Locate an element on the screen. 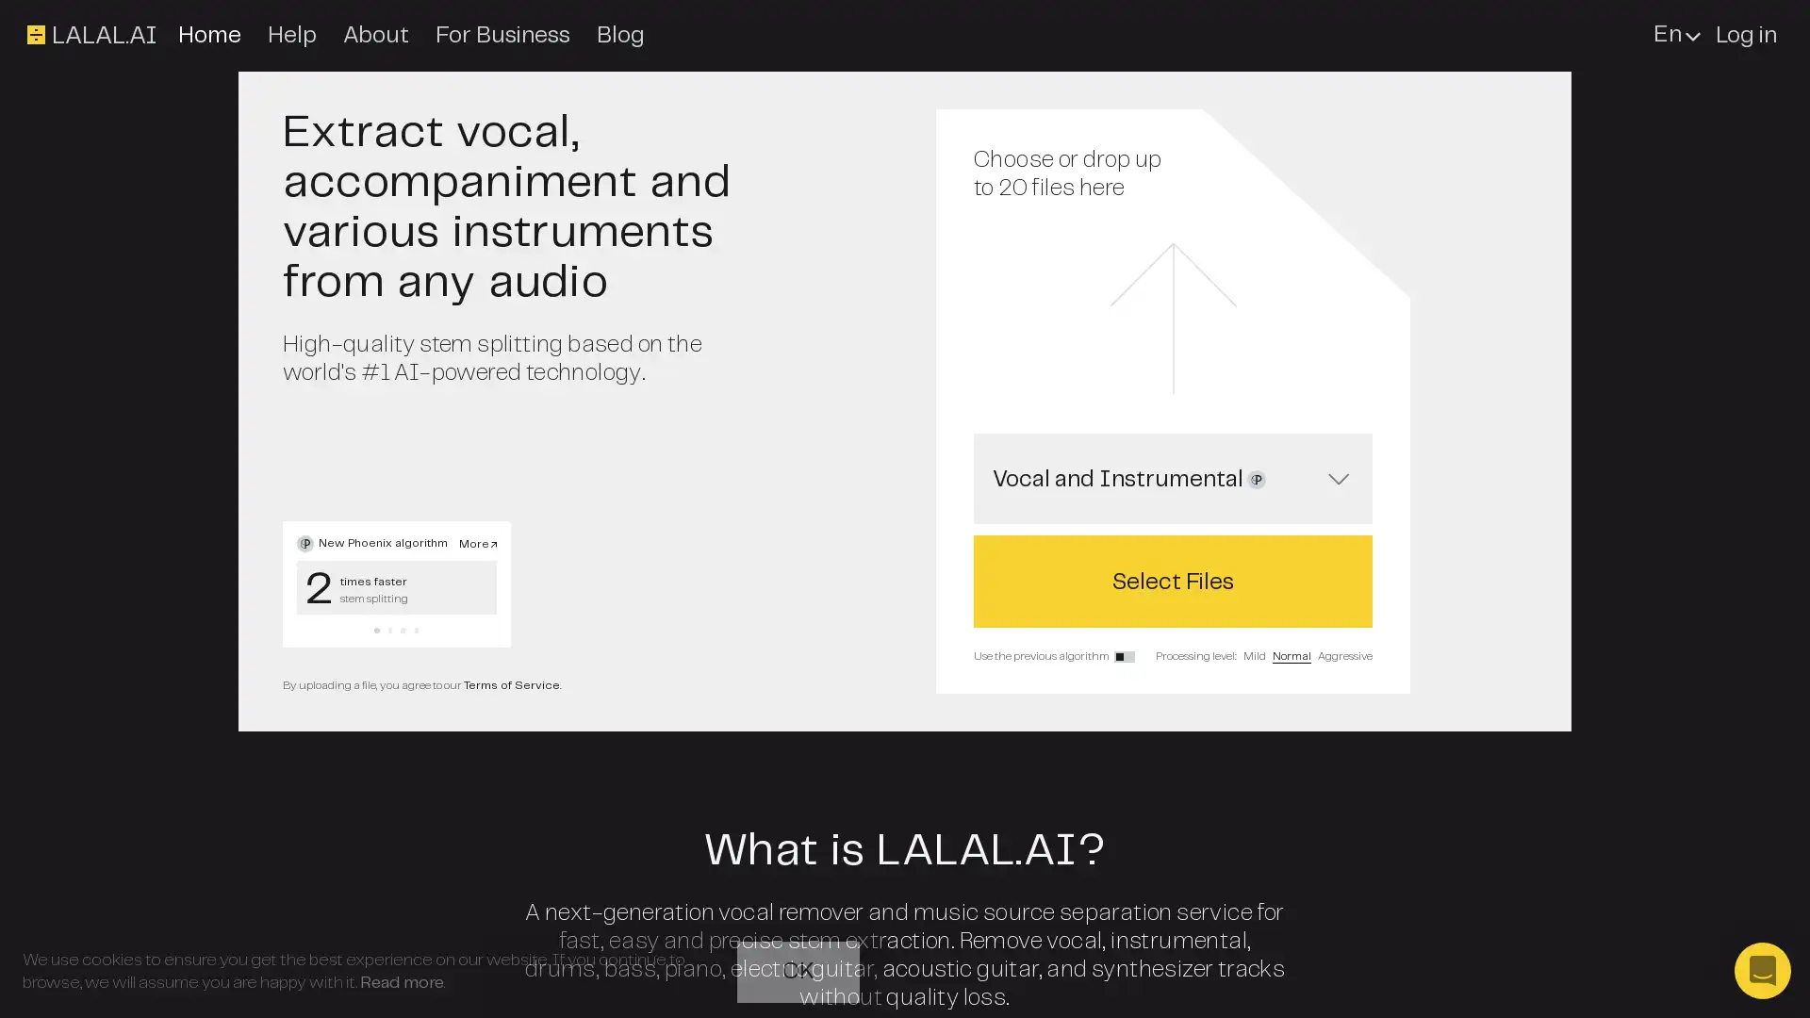 This screenshot has height=1018, width=1810. Open Intercom Messenger is located at coordinates (1762, 970).